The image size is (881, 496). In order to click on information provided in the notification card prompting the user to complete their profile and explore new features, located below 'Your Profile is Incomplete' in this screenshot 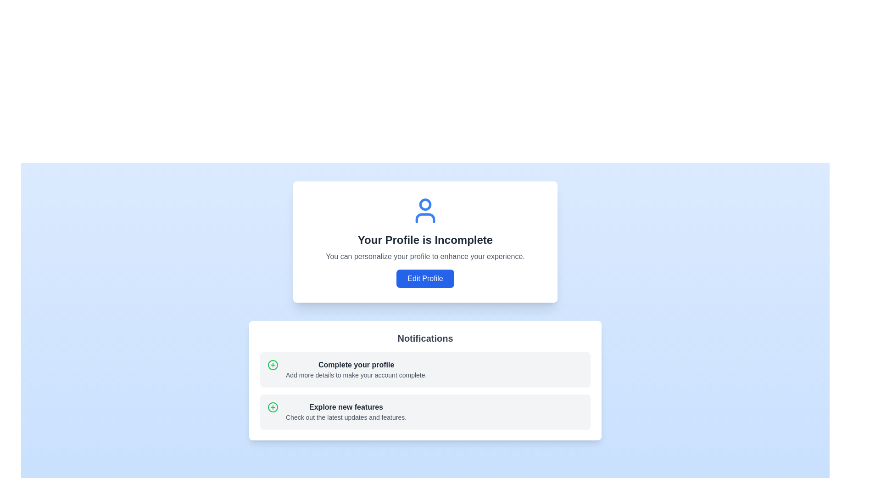, I will do `click(424, 381)`.